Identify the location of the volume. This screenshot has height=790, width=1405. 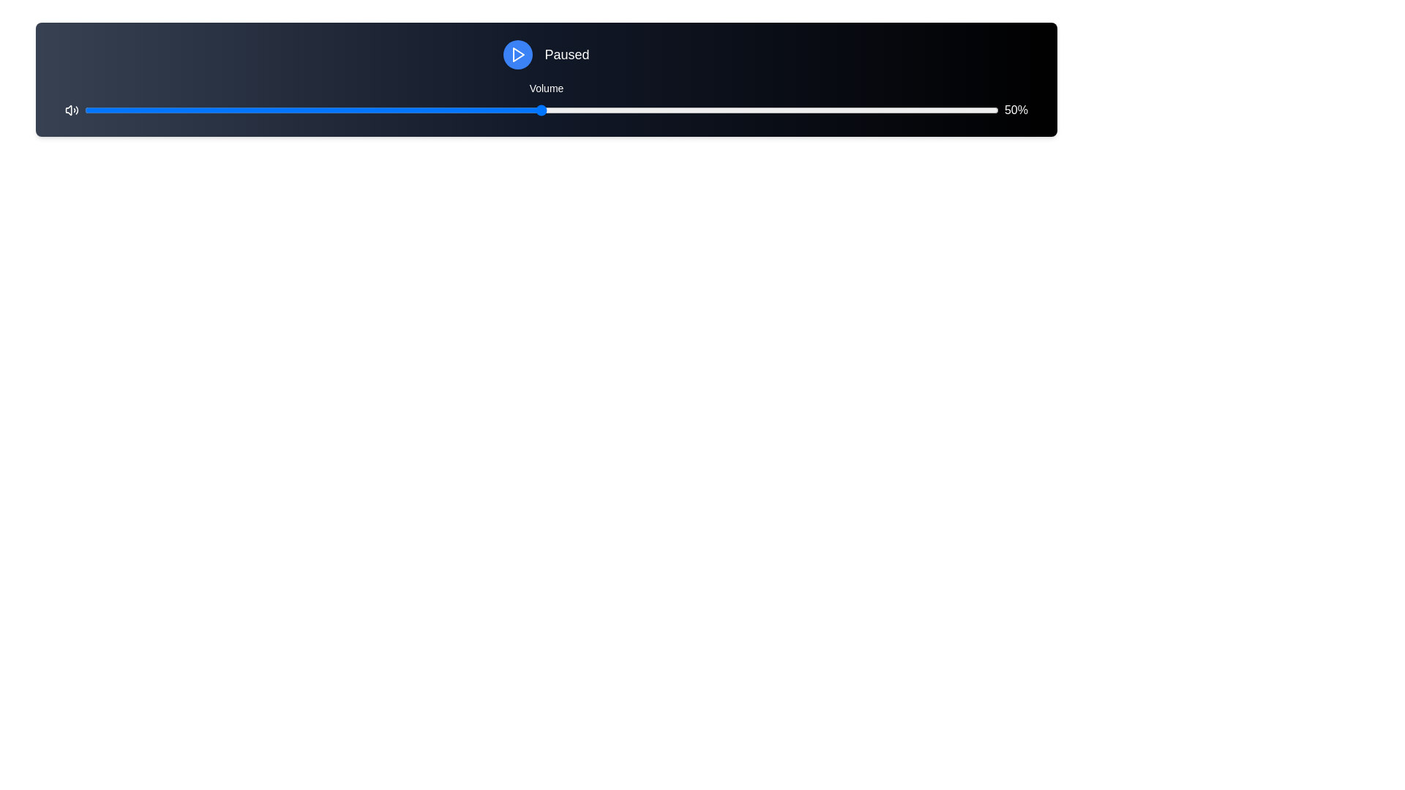
(834, 109).